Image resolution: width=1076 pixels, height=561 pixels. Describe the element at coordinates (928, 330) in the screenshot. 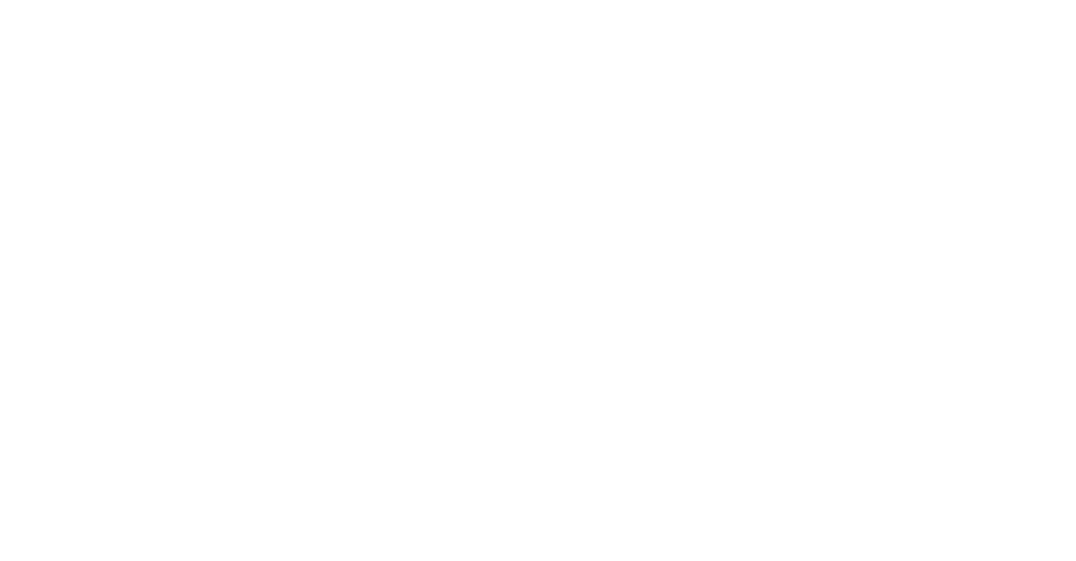

I see `'Weitere Informationen'` at that location.